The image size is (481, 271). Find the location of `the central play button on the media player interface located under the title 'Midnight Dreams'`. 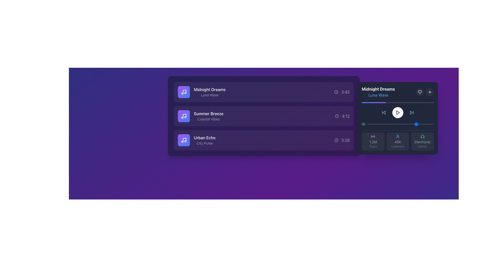

the central play button on the media player interface located under the title 'Midnight Dreams' is located at coordinates (398, 118).